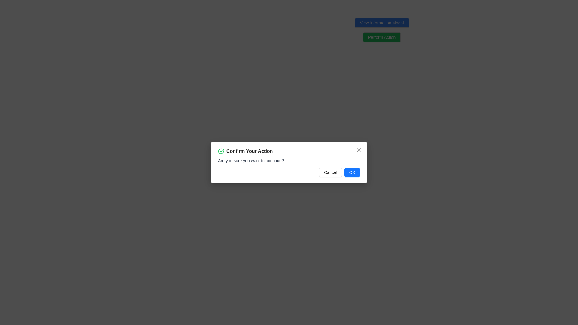 The width and height of the screenshot is (578, 325). I want to click on the button located in the top-right quarter of the interface, which triggers the display of a modal window providing detailed information, so click(381, 23).